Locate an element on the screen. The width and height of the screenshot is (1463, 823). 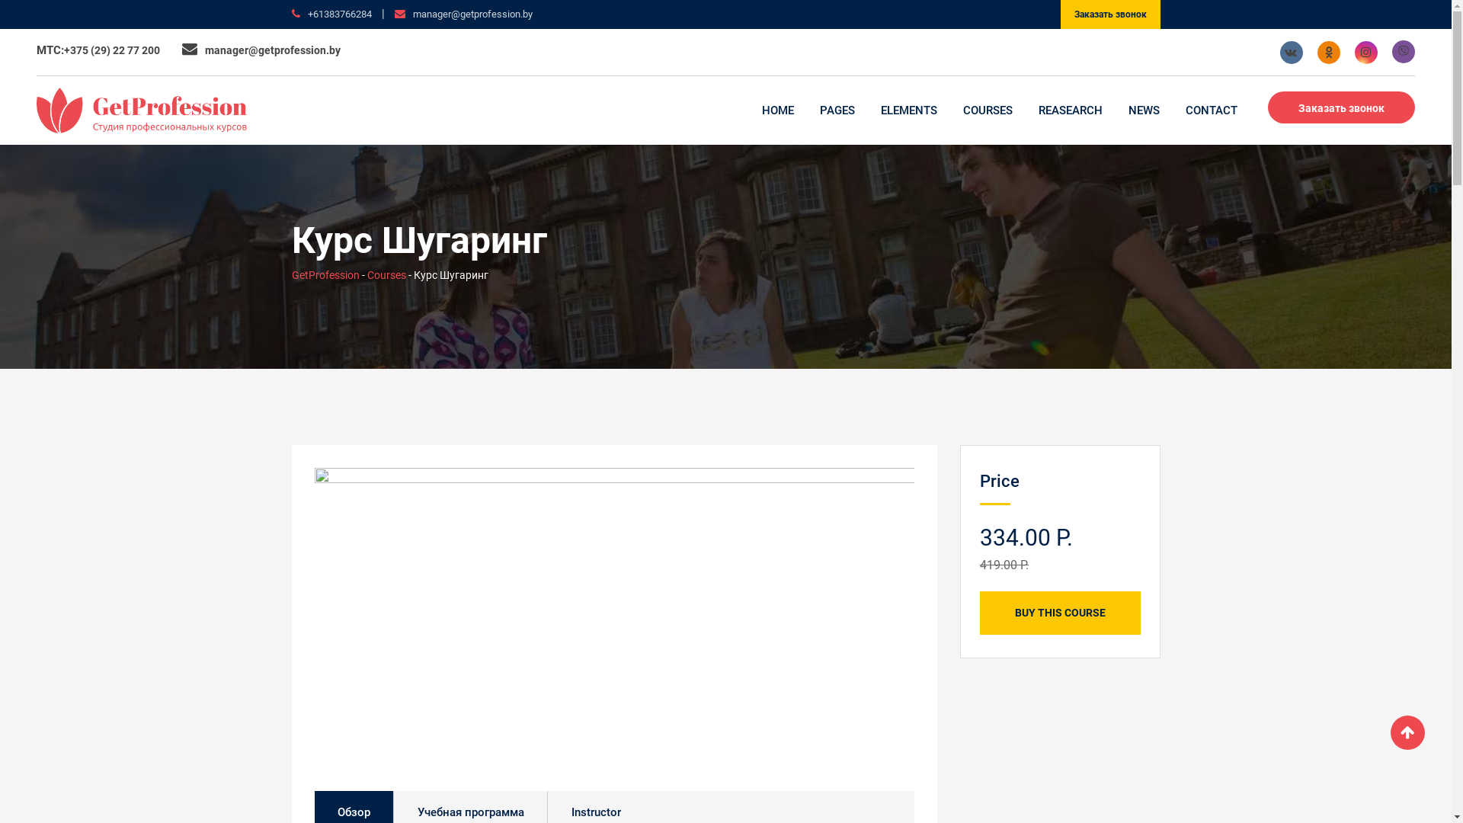
'+375 (29) 22 77 200' is located at coordinates (62, 49).